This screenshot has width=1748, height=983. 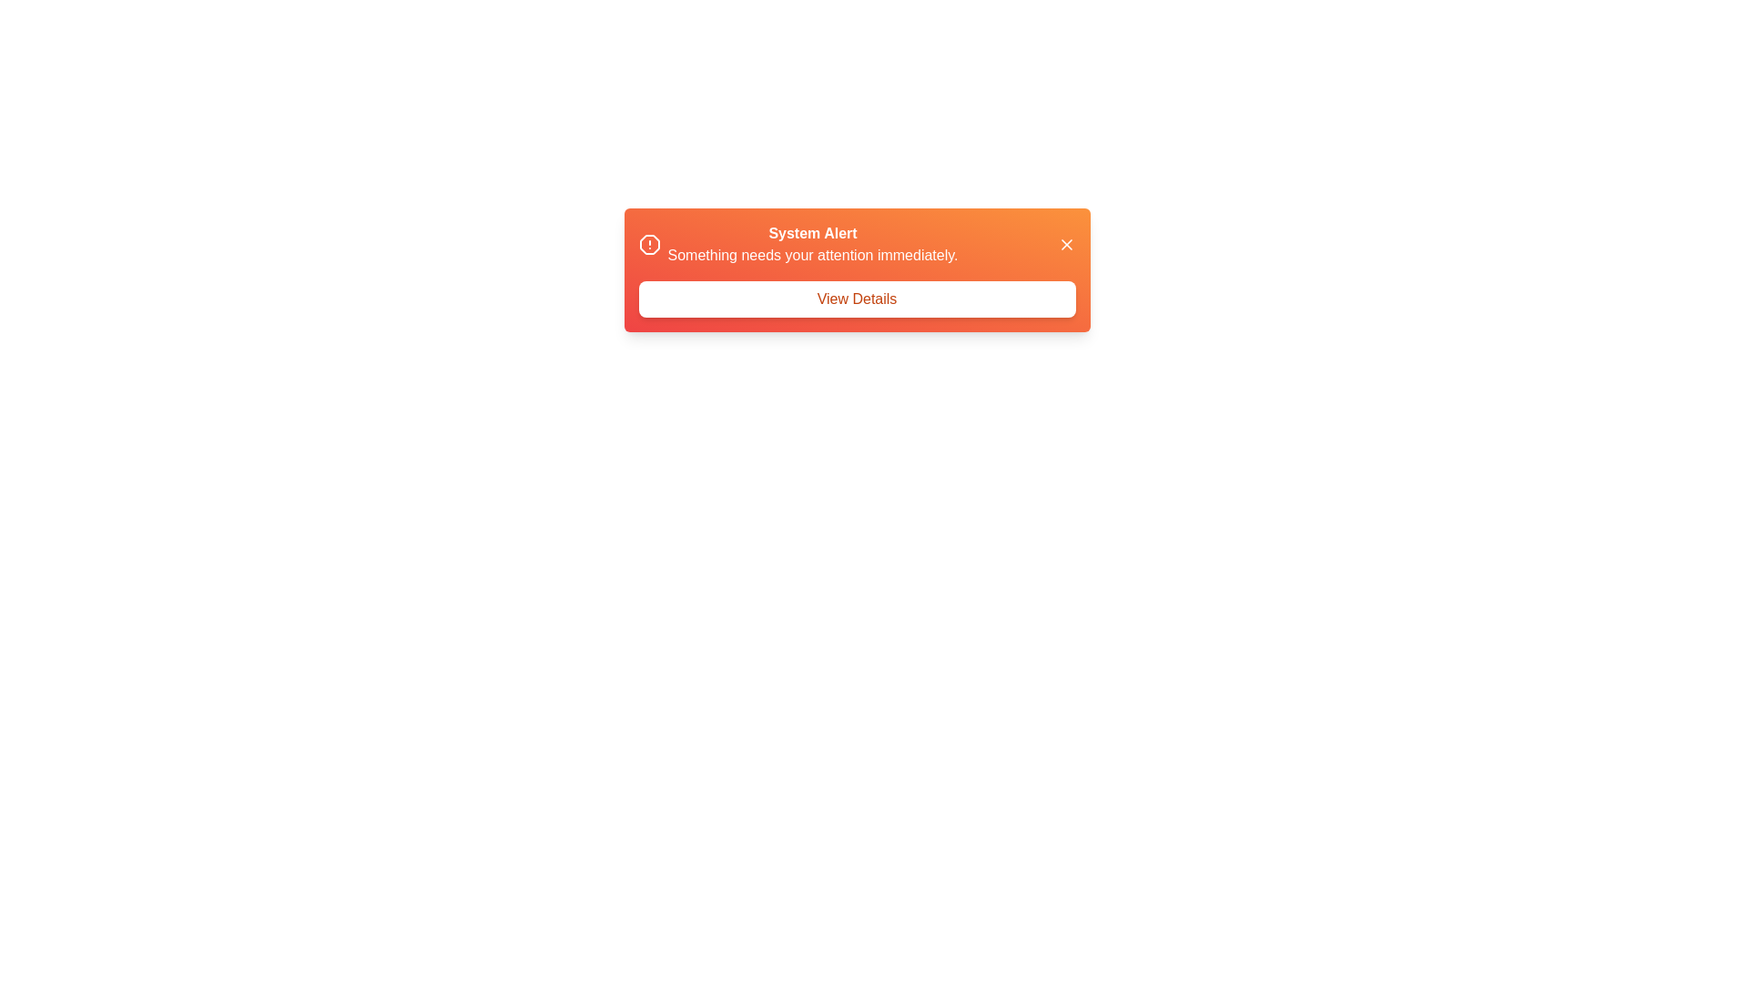 I want to click on the warning icon located at the top-left corner of the notification card titled 'System Alert', so click(x=649, y=244).